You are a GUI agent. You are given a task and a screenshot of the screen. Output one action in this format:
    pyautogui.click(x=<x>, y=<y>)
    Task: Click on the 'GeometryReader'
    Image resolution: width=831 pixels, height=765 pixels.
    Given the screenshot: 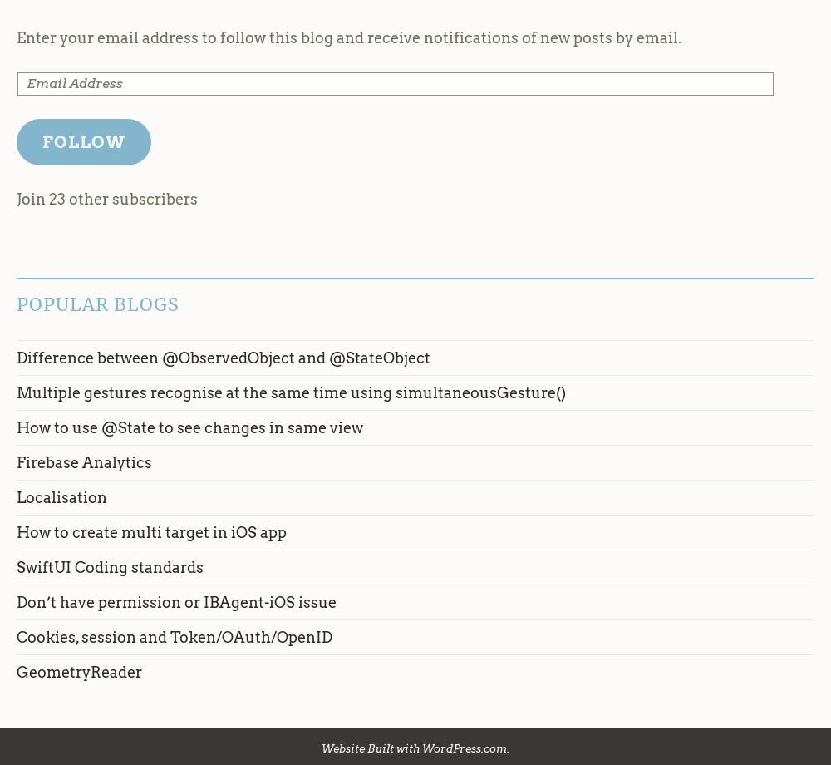 What is the action you would take?
    pyautogui.click(x=78, y=671)
    